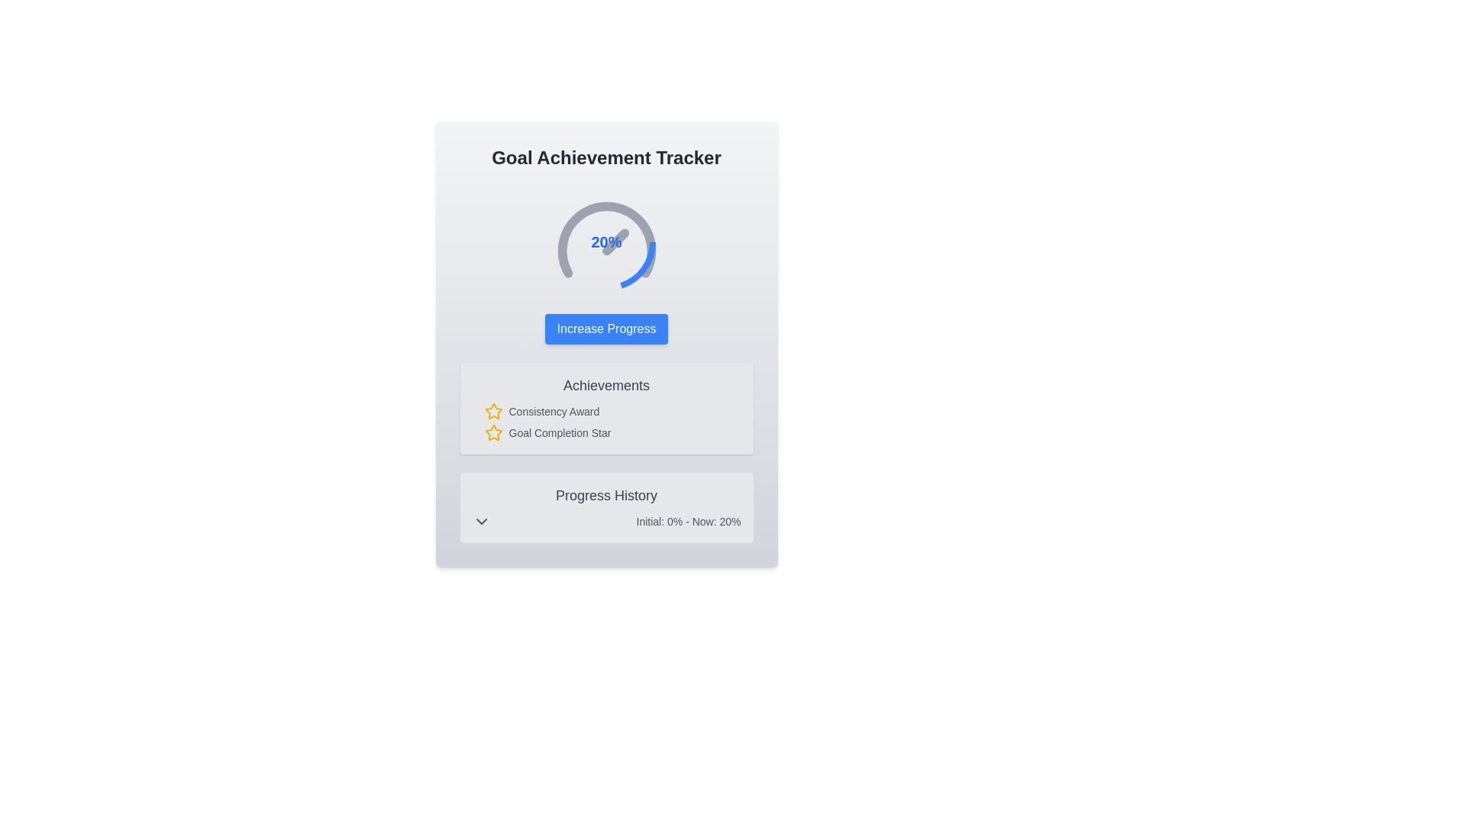 This screenshot has height=825, width=1466. I want to click on the 'Goal Achievement Tracker' section, which includes the title, progress indicator, and buttons for interaction, so click(605, 345).